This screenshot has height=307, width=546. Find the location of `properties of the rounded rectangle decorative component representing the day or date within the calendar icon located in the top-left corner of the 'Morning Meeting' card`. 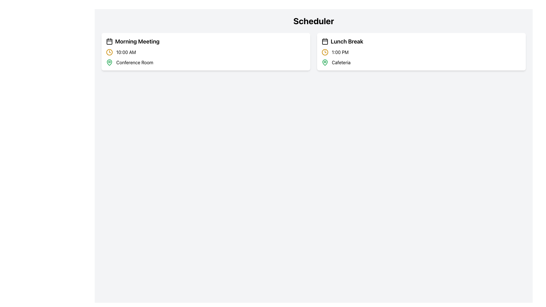

properties of the rounded rectangle decorative component representing the day or date within the calendar icon located in the top-left corner of the 'Morning Meeting' card is located at coordinates (109, 41).